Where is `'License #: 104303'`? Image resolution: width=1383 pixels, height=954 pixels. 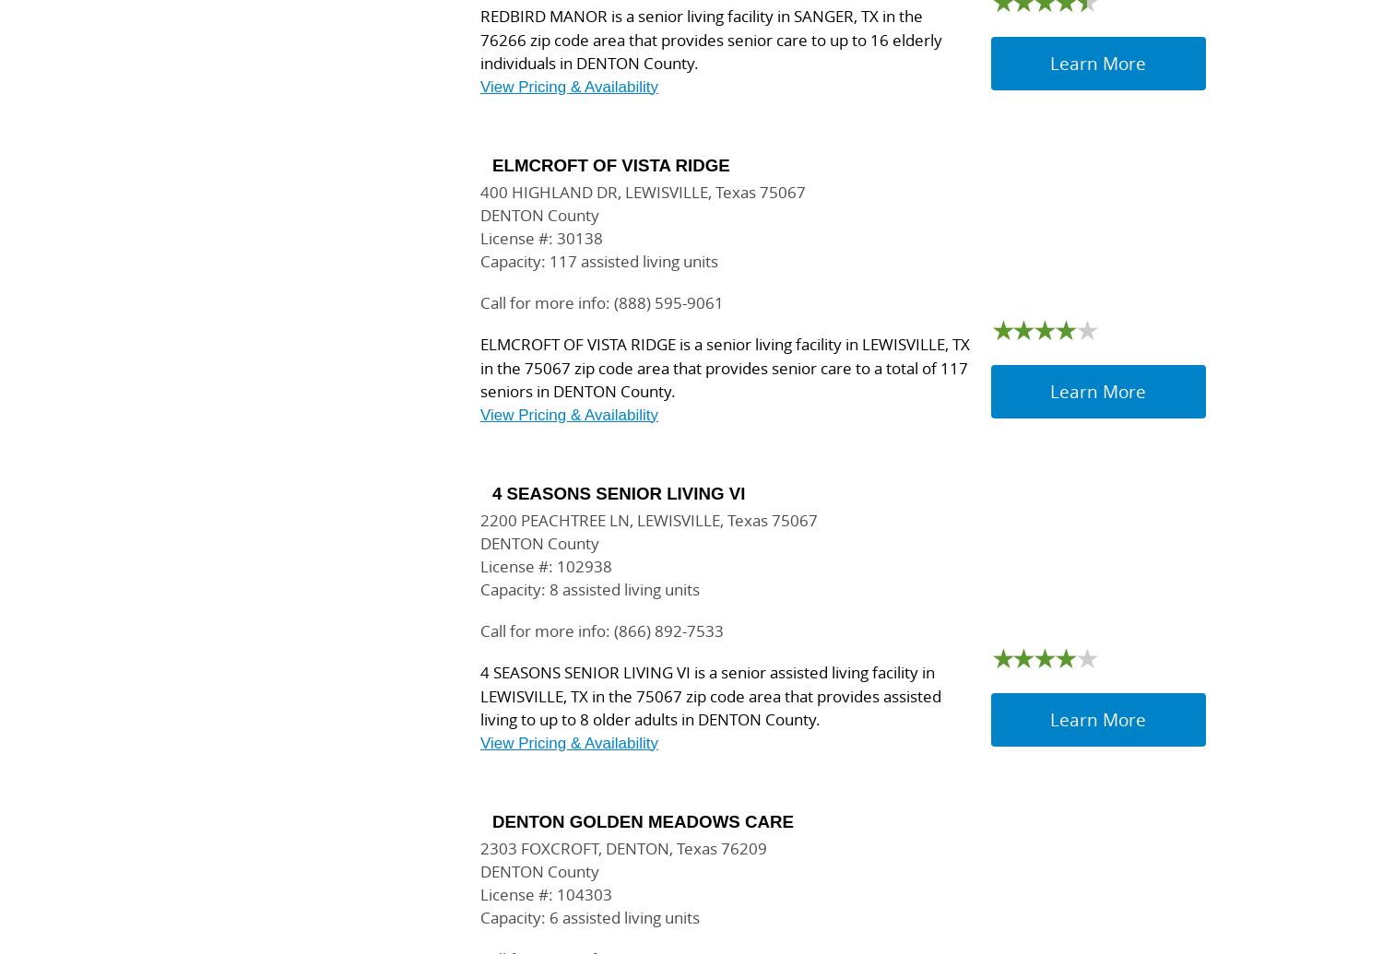
'License #: 104303' is located at coordinates (545, 893).